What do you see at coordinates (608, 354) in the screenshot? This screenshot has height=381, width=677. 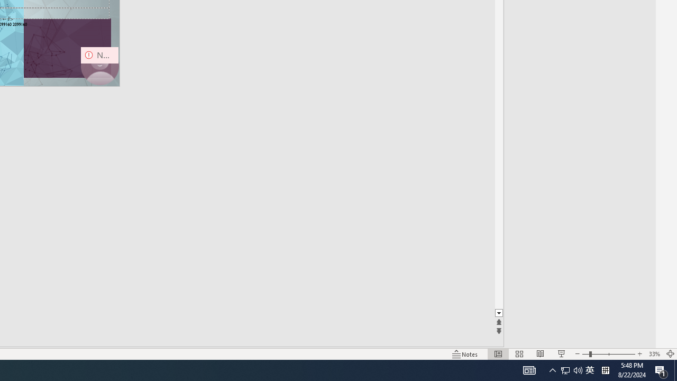 I see `'Zoom'` at bounding box center [608, 354].